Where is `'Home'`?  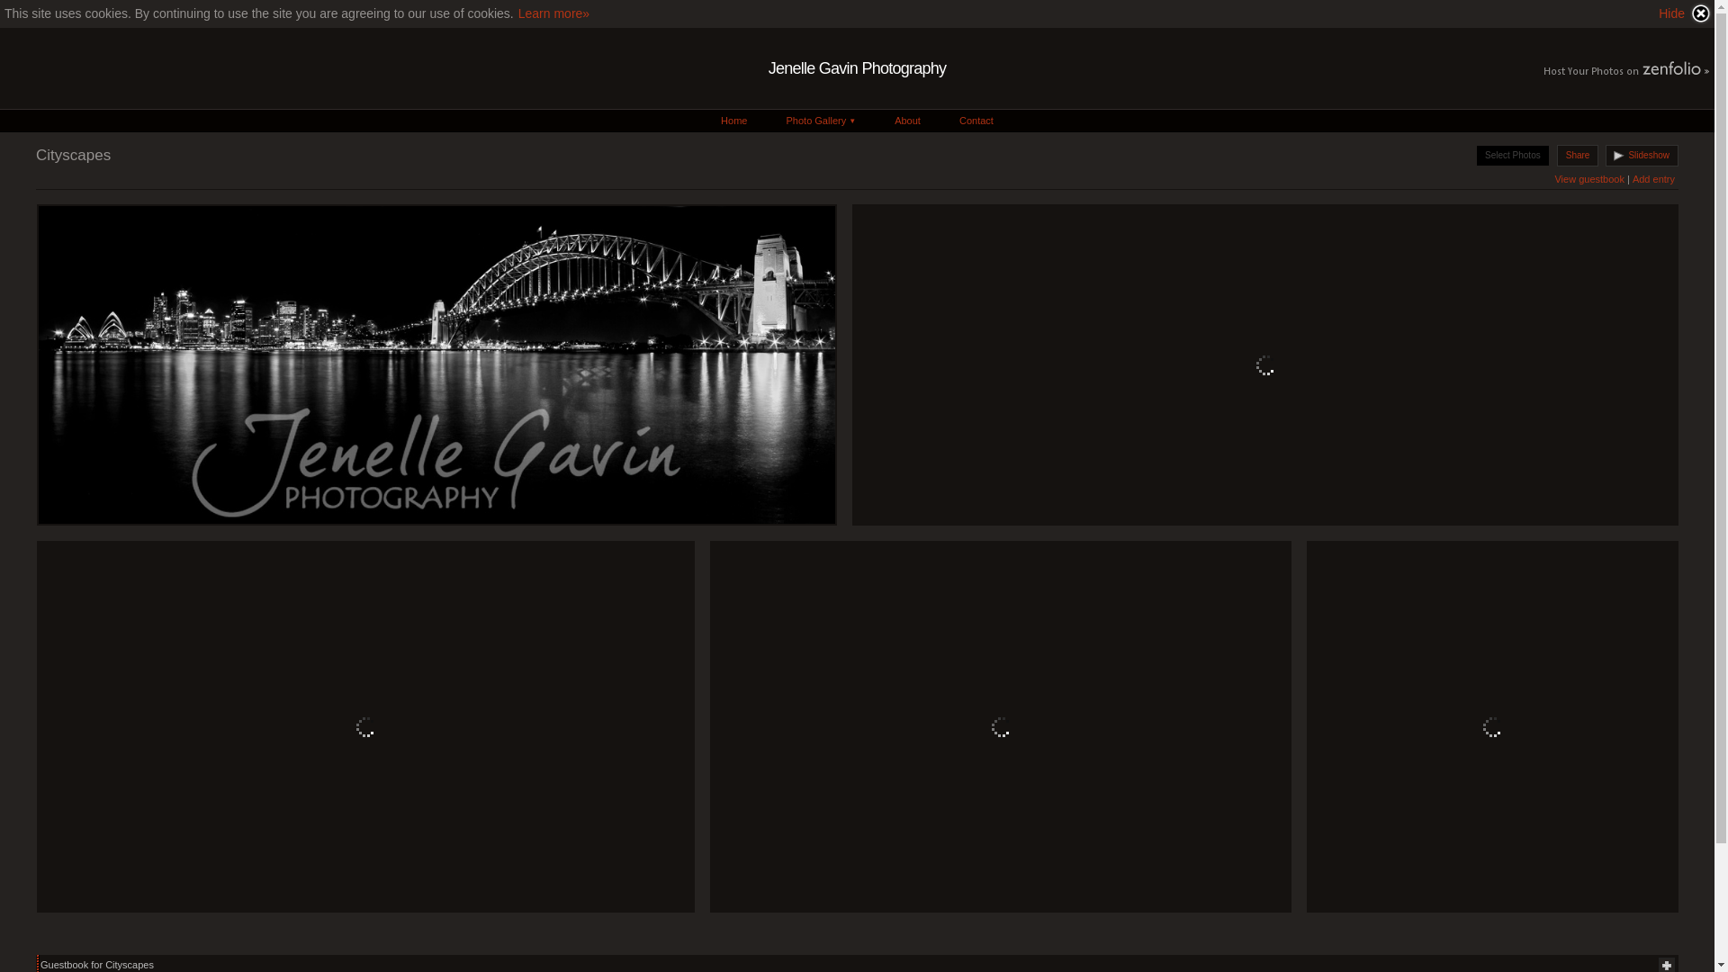
'Home' is located at coordinates (733, 121).